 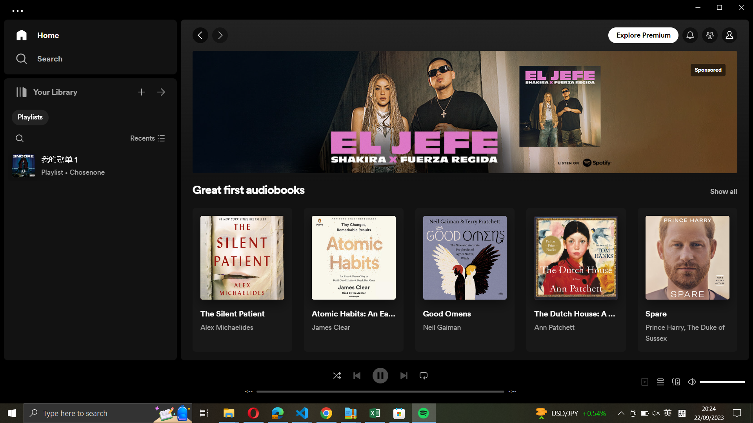 What do you see at coordinates (201, 36) in the screenshot?
I see `backward browsing` at bounding box center [201, 36].